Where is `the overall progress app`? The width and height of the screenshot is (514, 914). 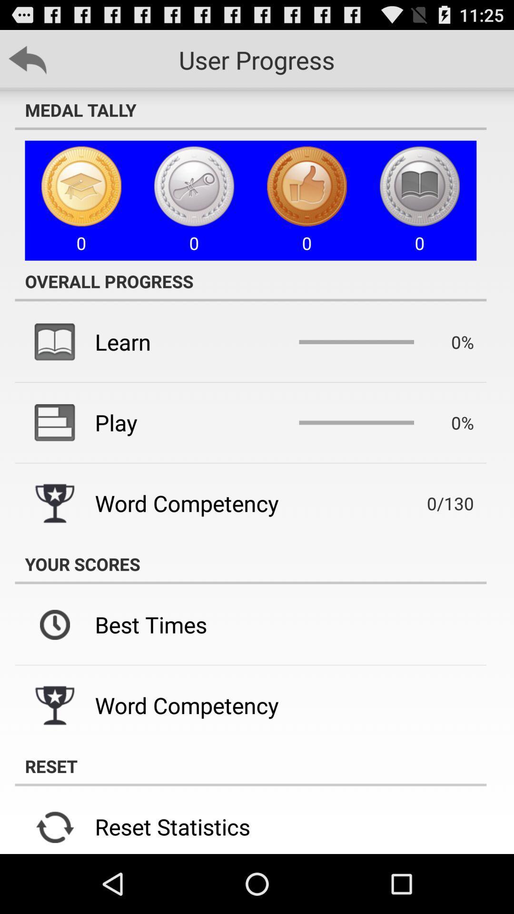
the overall progress app is located at coordinates (250, 280).